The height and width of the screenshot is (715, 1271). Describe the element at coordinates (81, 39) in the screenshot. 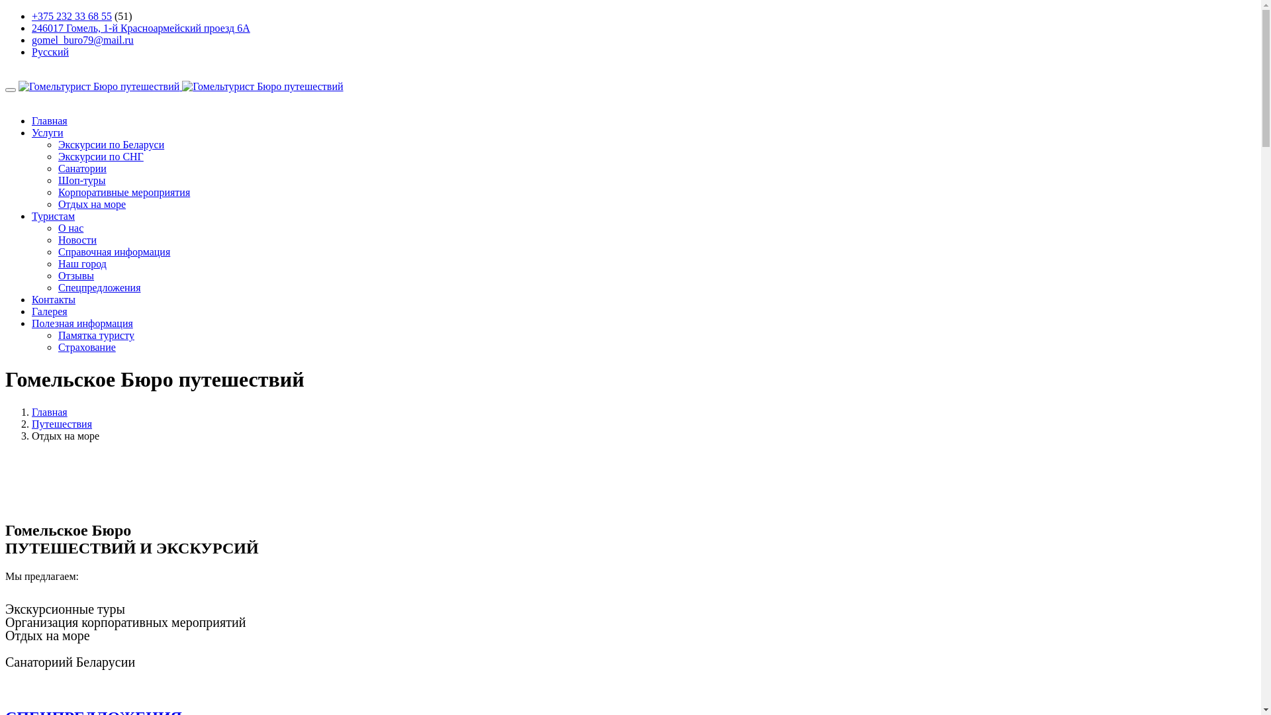

I see `'gomel_buro79@mail.ru'` at that location.